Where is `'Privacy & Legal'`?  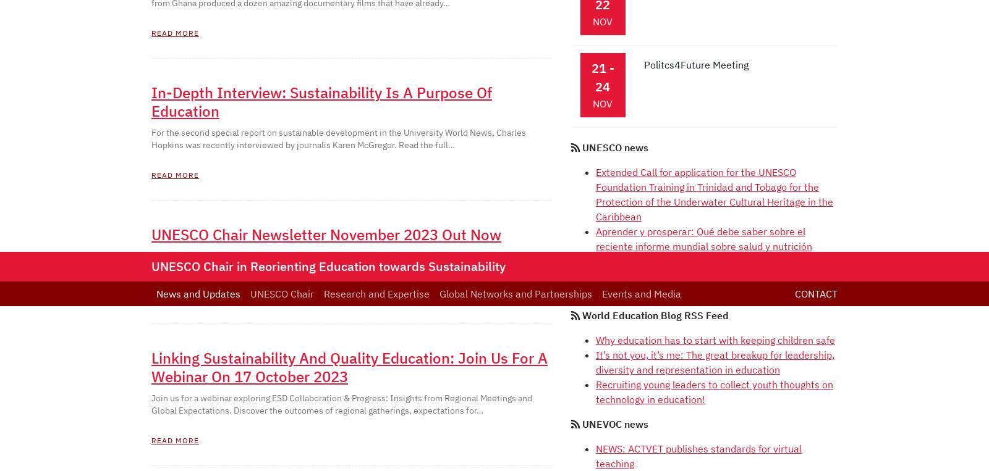
'Privacy & Legal' is located at coordinates (530, 170).